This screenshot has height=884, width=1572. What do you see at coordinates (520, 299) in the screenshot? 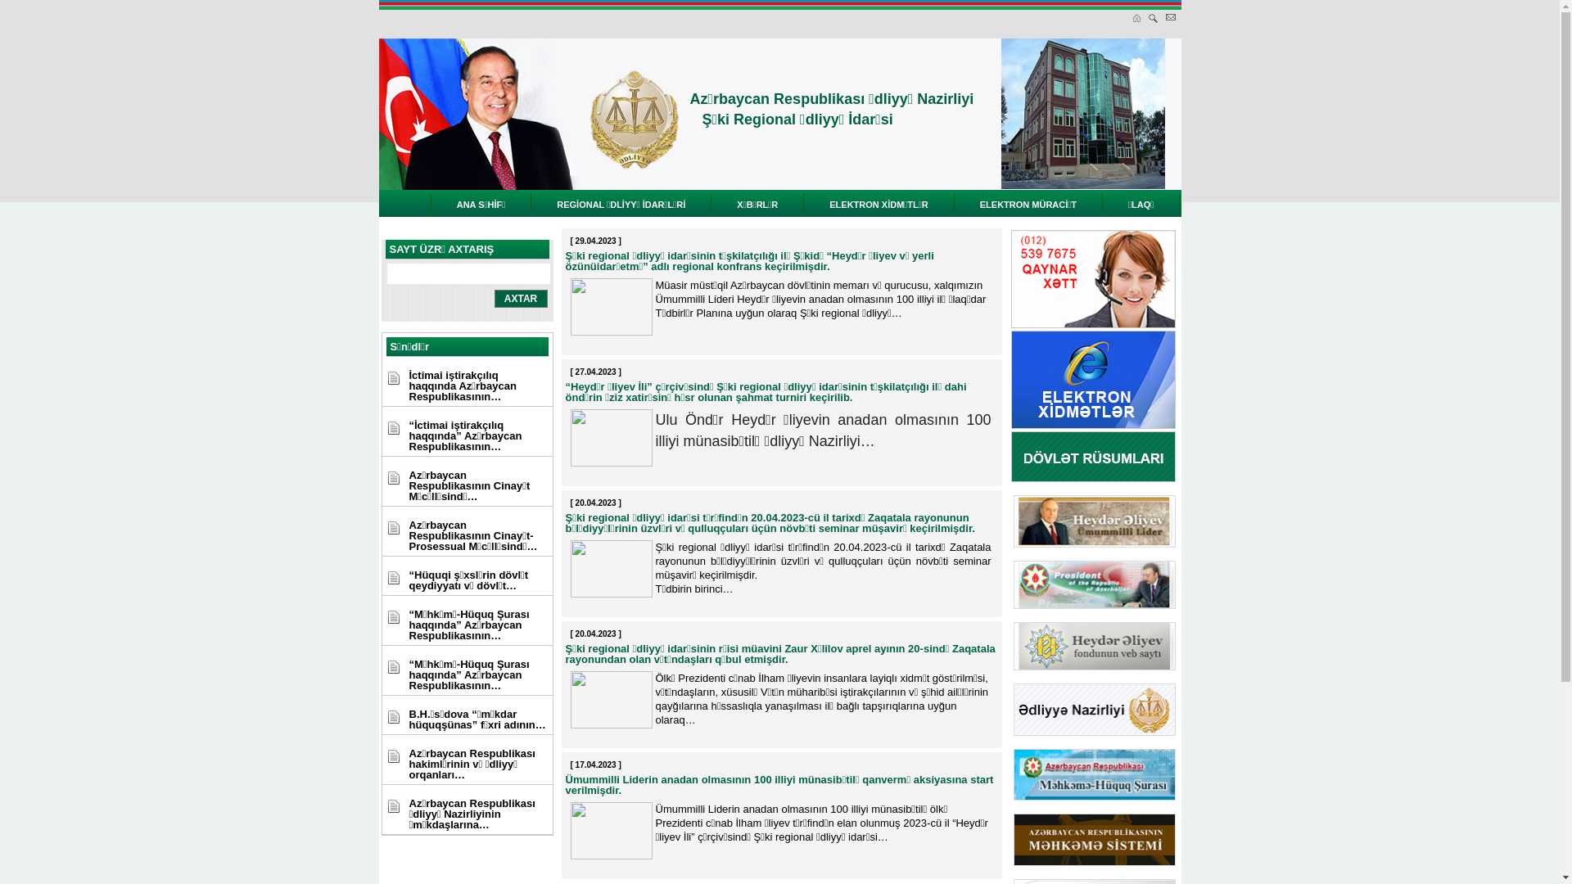
I see `'AXTAR'` at bounding box center [520, 299].